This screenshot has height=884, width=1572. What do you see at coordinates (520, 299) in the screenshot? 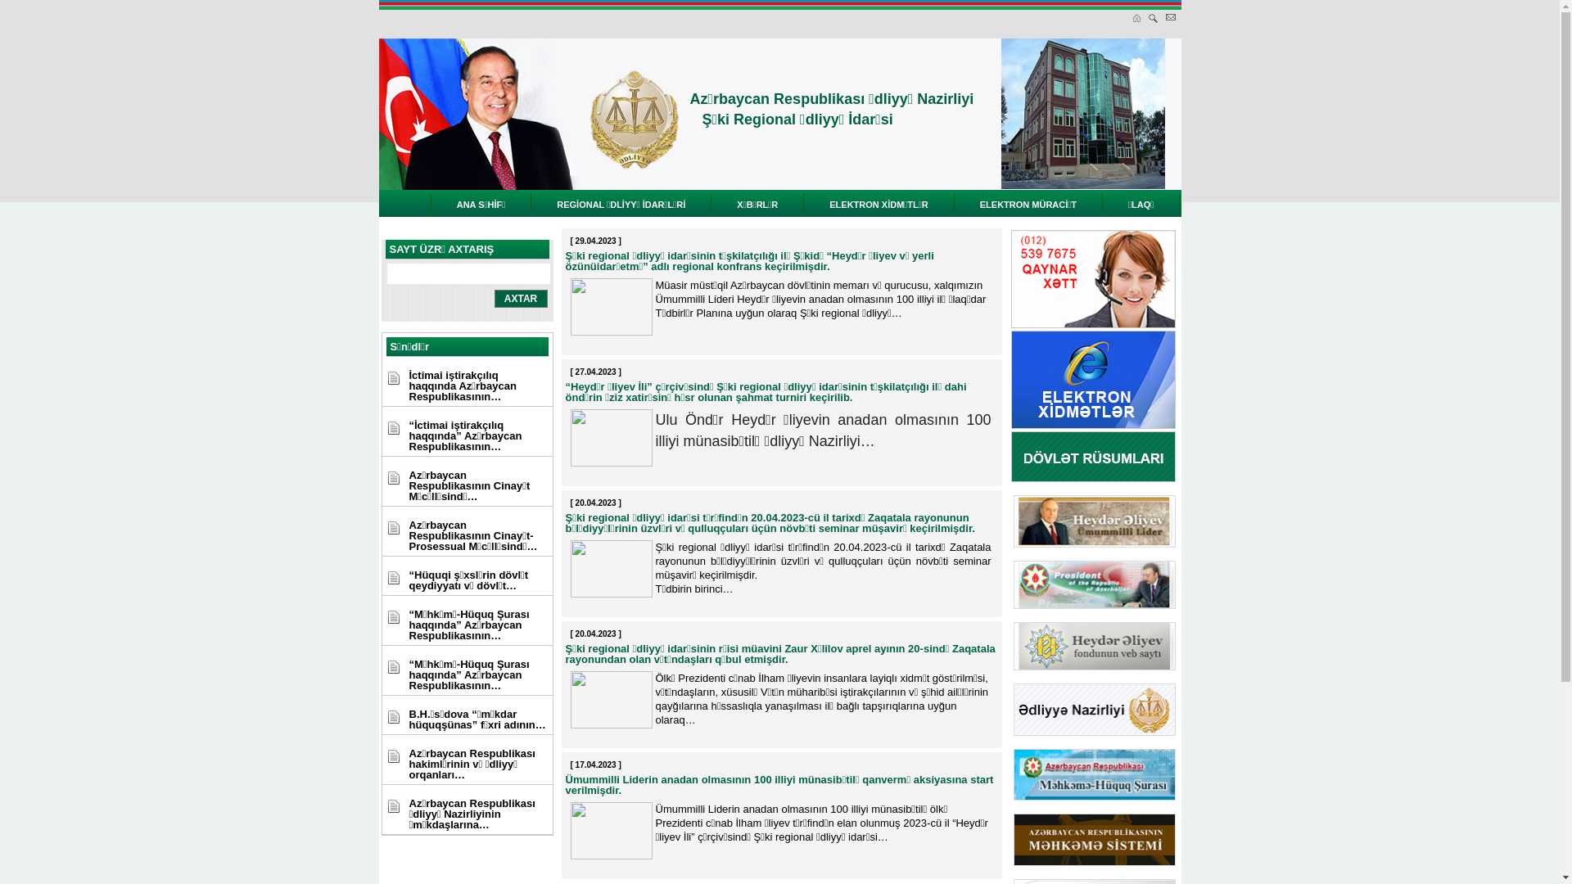
I see `'AXTAR'` at bounding box center [520, 299].